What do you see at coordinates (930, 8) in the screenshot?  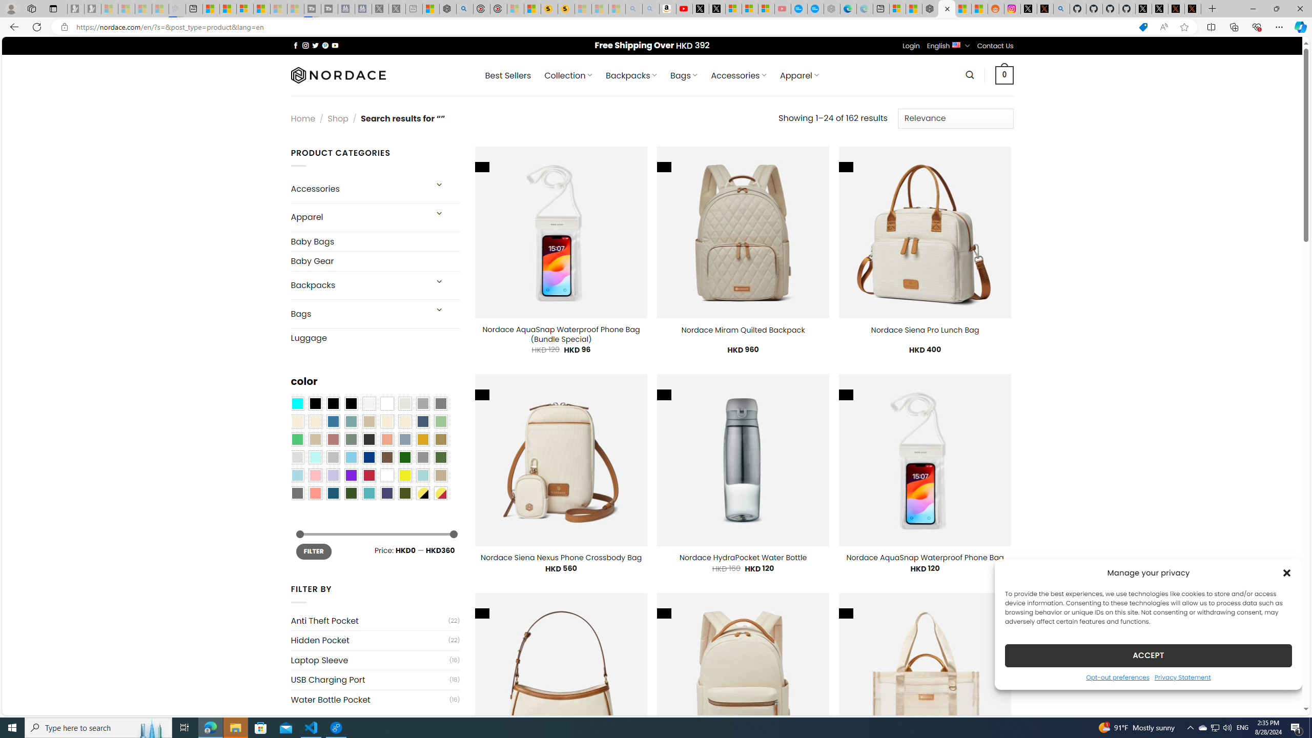 I see `'Nordace - Best Sellers'` at bounding box center [930, 8].